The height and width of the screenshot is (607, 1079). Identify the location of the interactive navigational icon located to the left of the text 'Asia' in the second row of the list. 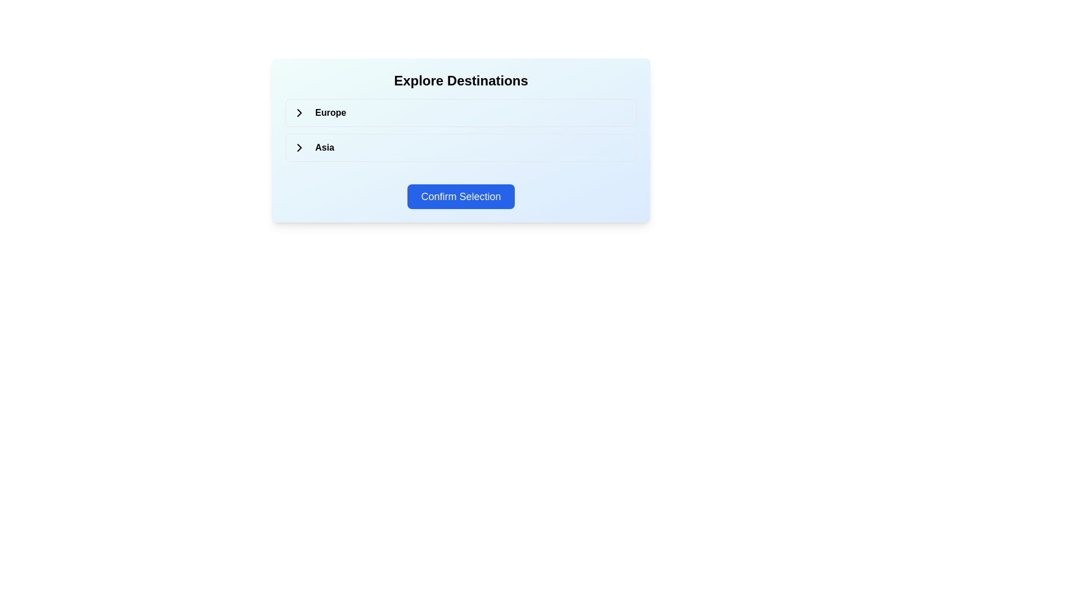
(299, 147).